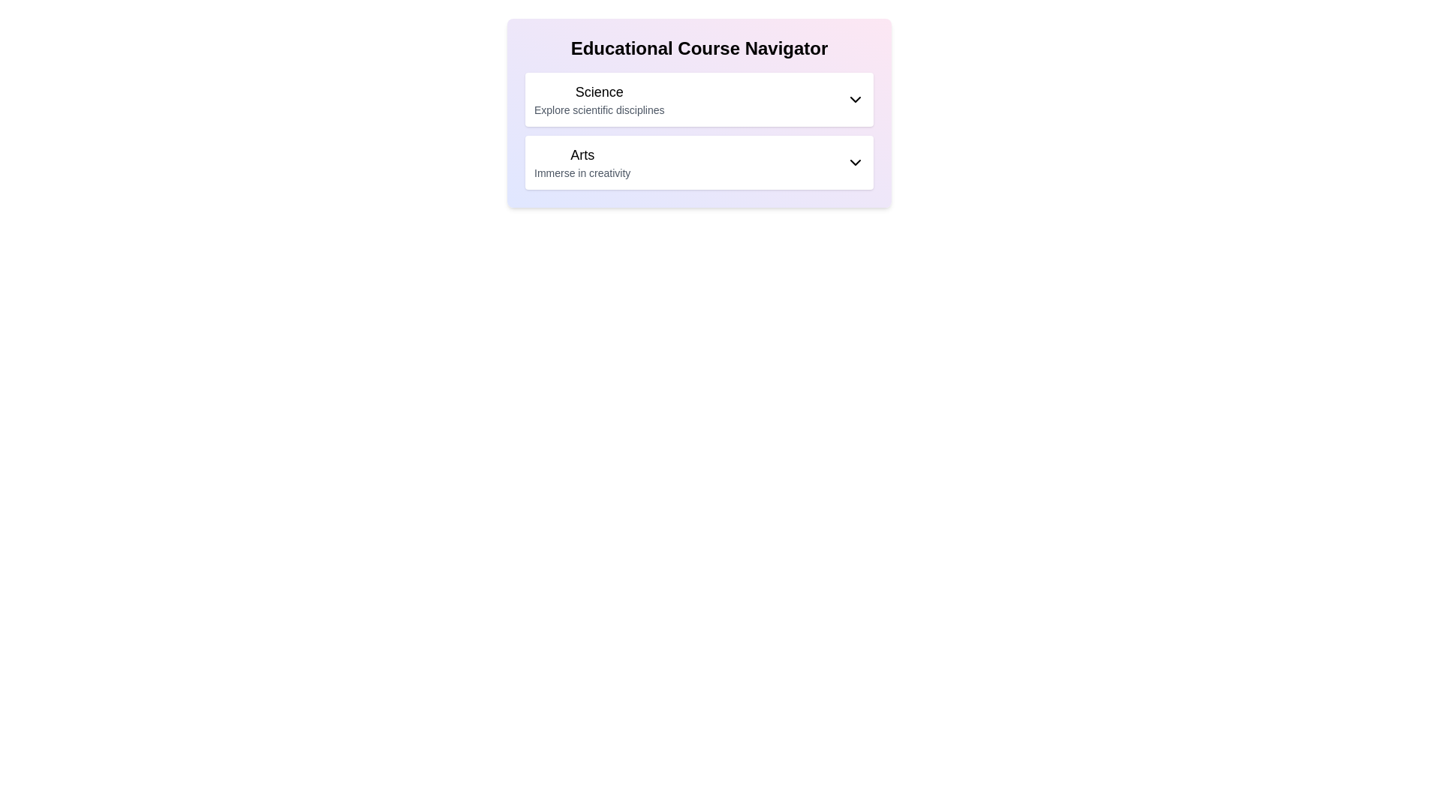 This screenshot has width=1441, height=810. I want to click on the downward-facing chevron SVG icon located at the right end of the 'Arts Immerse in creativity' section, so click(856, 162).